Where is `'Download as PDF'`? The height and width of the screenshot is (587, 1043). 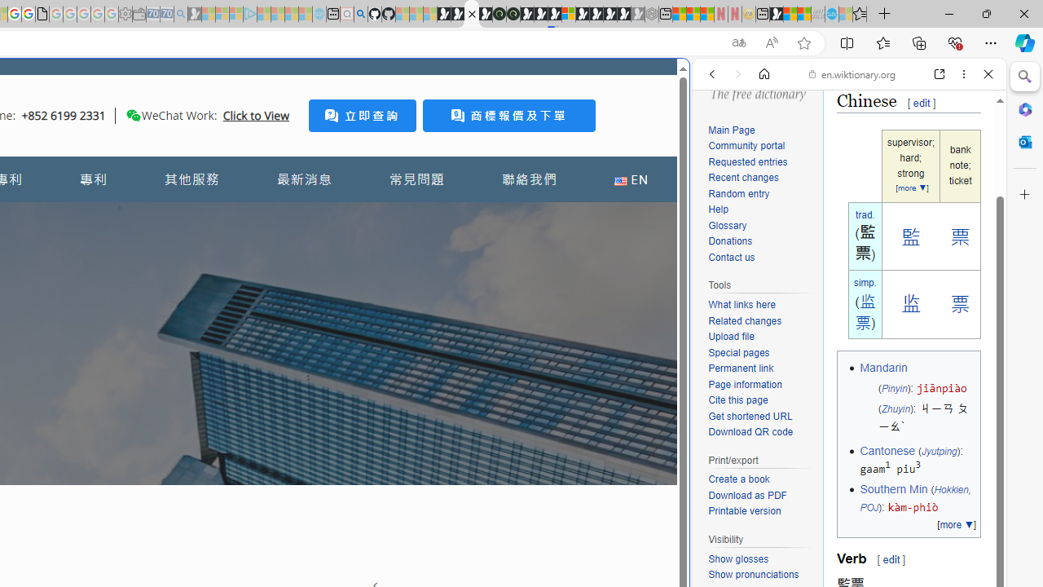
'Download as PDF' is located at coordinates (761, 495).